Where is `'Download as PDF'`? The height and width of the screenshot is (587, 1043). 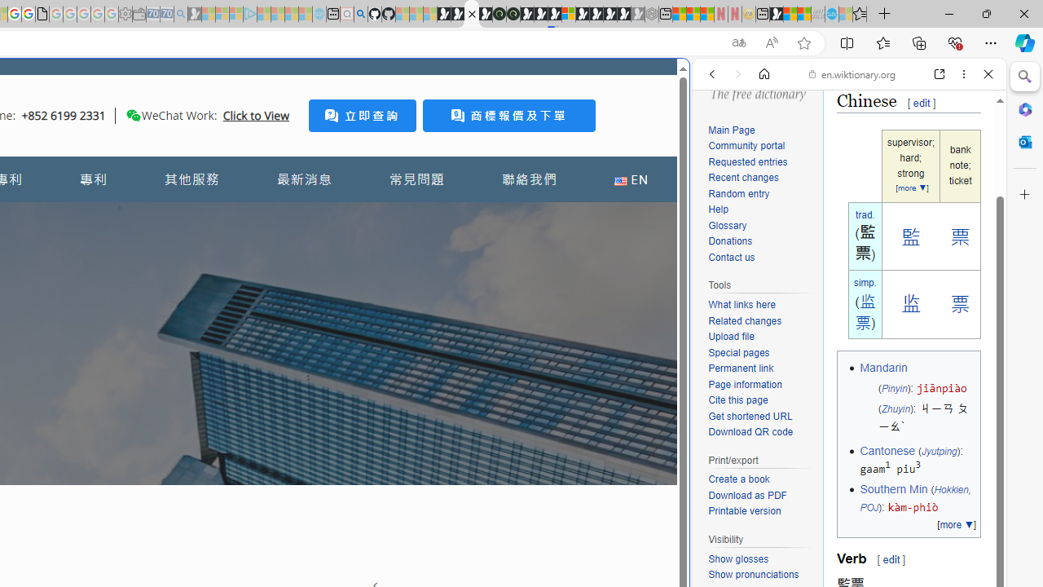
'Download as PDF' is located at coordinates (761, 495).